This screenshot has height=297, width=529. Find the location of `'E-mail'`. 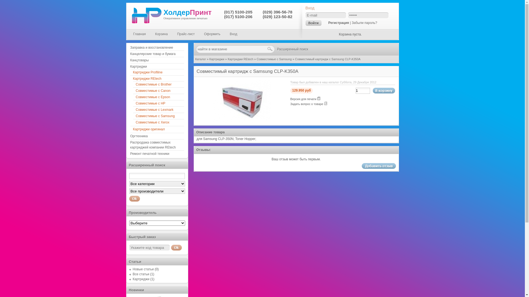

'E-mail' is located at coordinates (325, 15).